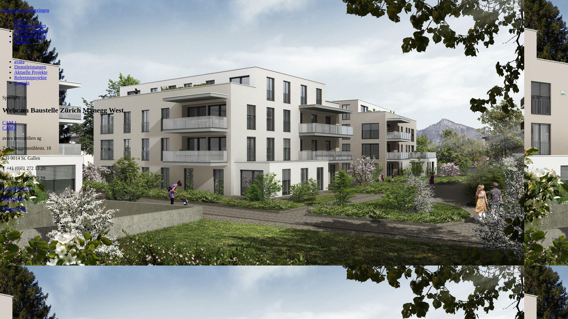 This screenshot has height=319, width=568. Describe the element at coordinates (14, 208) in the screenshot. I see `'Datenschutz'` at that location.